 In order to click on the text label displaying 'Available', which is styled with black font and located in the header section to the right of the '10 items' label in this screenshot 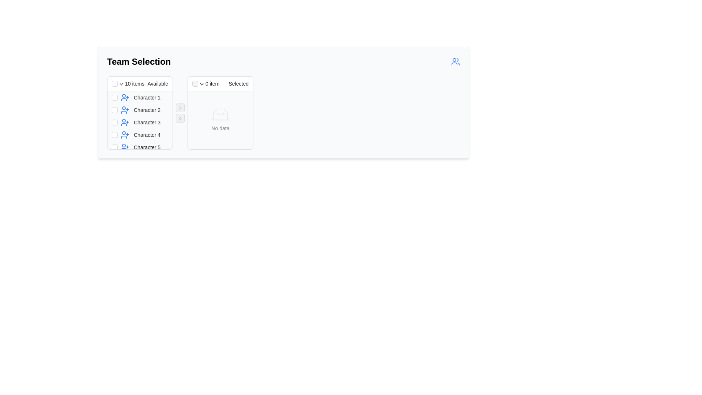, I will do `click(156, 83)`.